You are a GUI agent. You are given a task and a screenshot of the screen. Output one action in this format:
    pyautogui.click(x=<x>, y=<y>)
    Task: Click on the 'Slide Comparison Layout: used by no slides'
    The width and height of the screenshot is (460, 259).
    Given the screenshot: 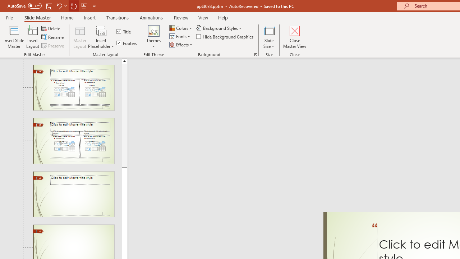 What is the action you would take?
    pyautogui.click(x=73, y=141)
    